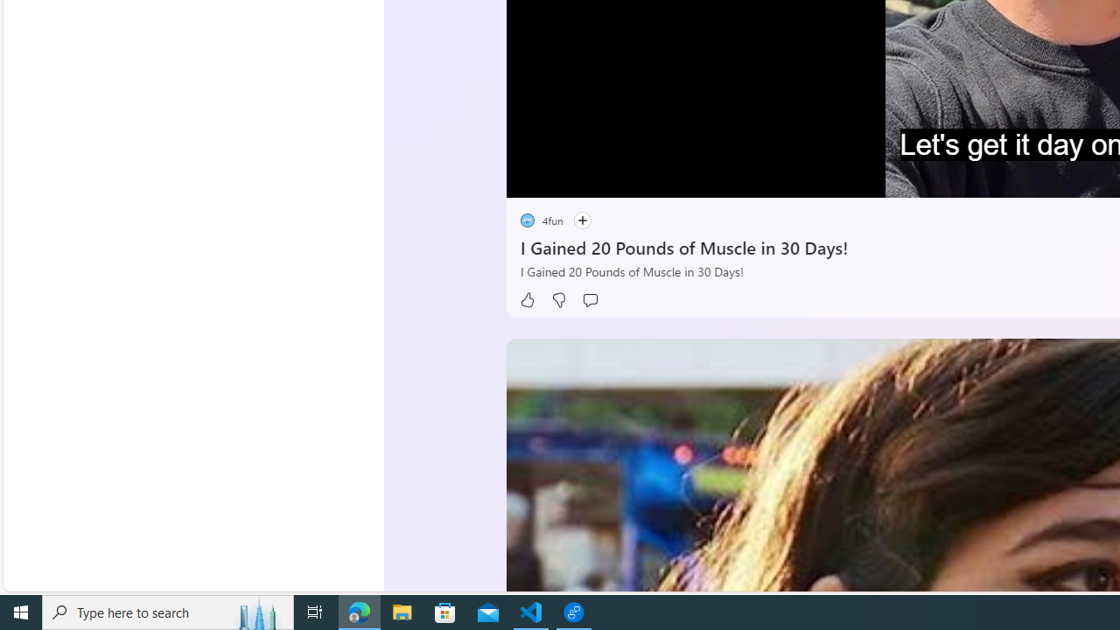 Image resolution: width=1120 pixels, height=630 pixels. I want to click on 'Follow', so click(582, 220).